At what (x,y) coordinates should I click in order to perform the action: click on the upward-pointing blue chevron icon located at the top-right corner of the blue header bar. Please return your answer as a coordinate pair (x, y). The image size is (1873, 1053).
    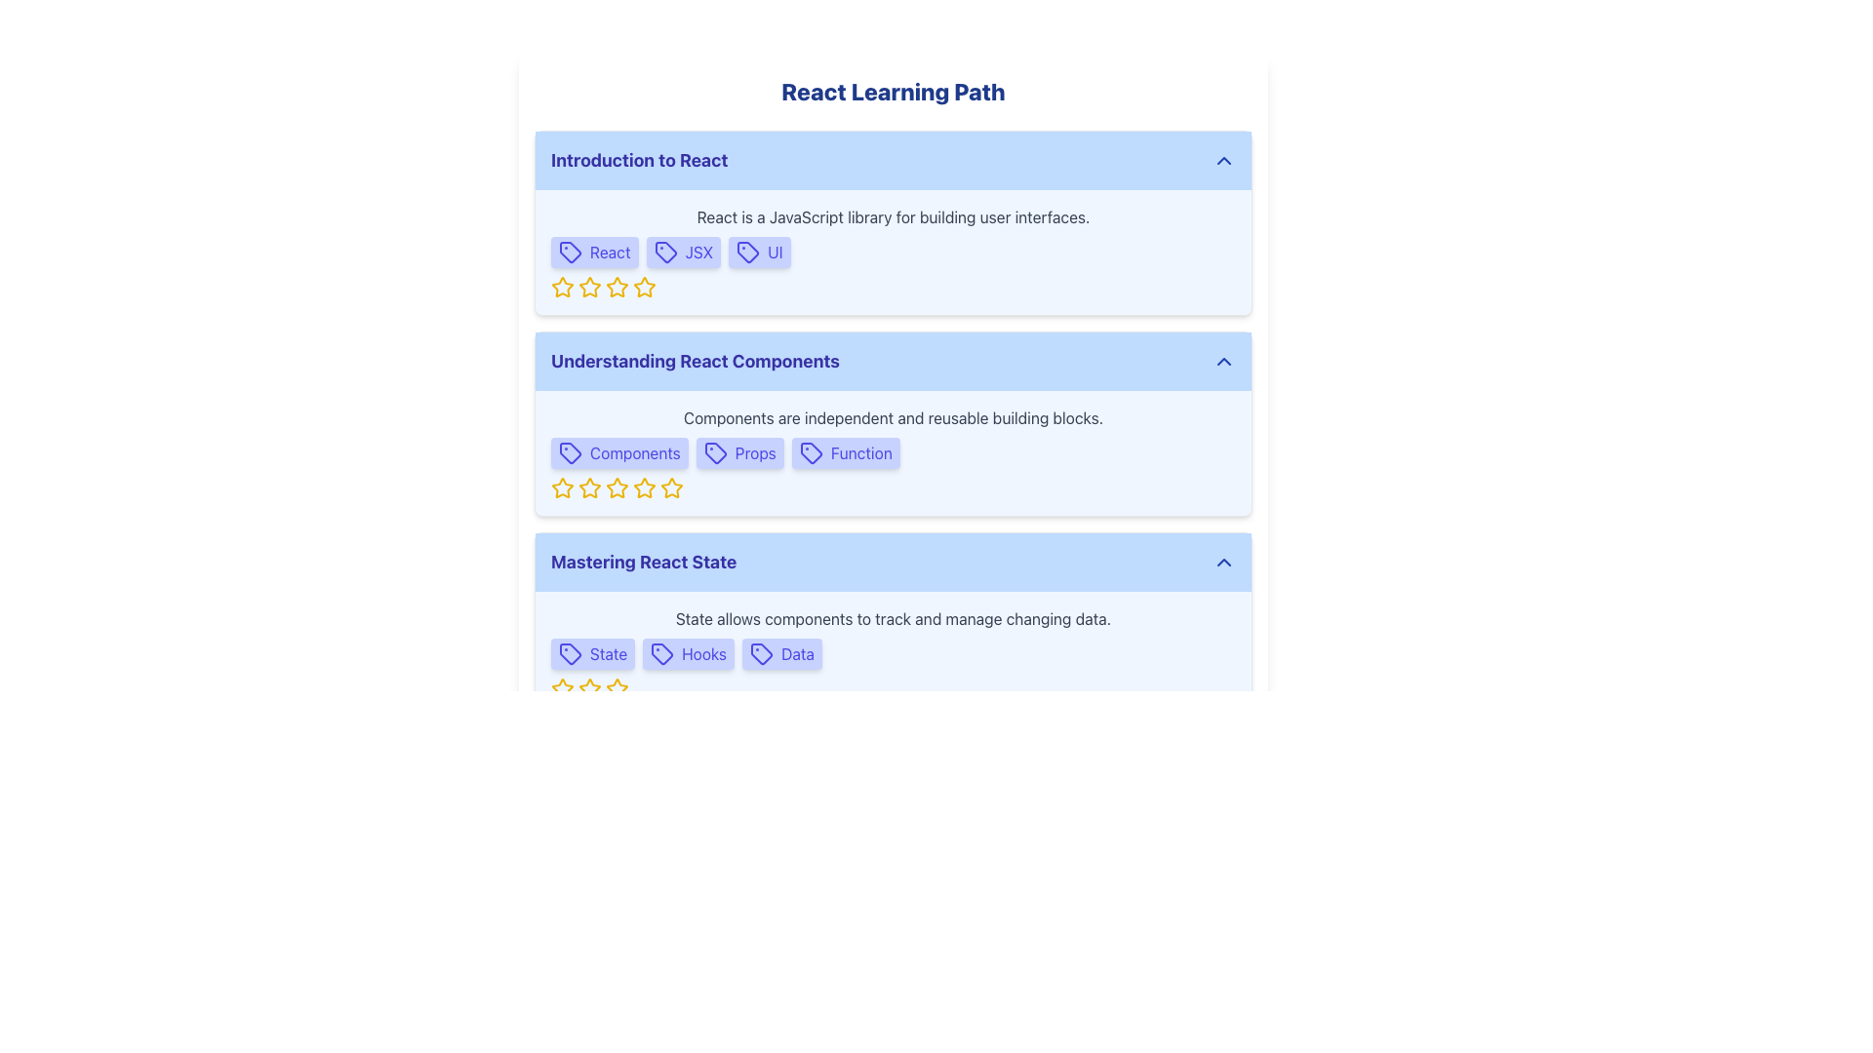
    Looking at the image, I should click on (1222, 160).